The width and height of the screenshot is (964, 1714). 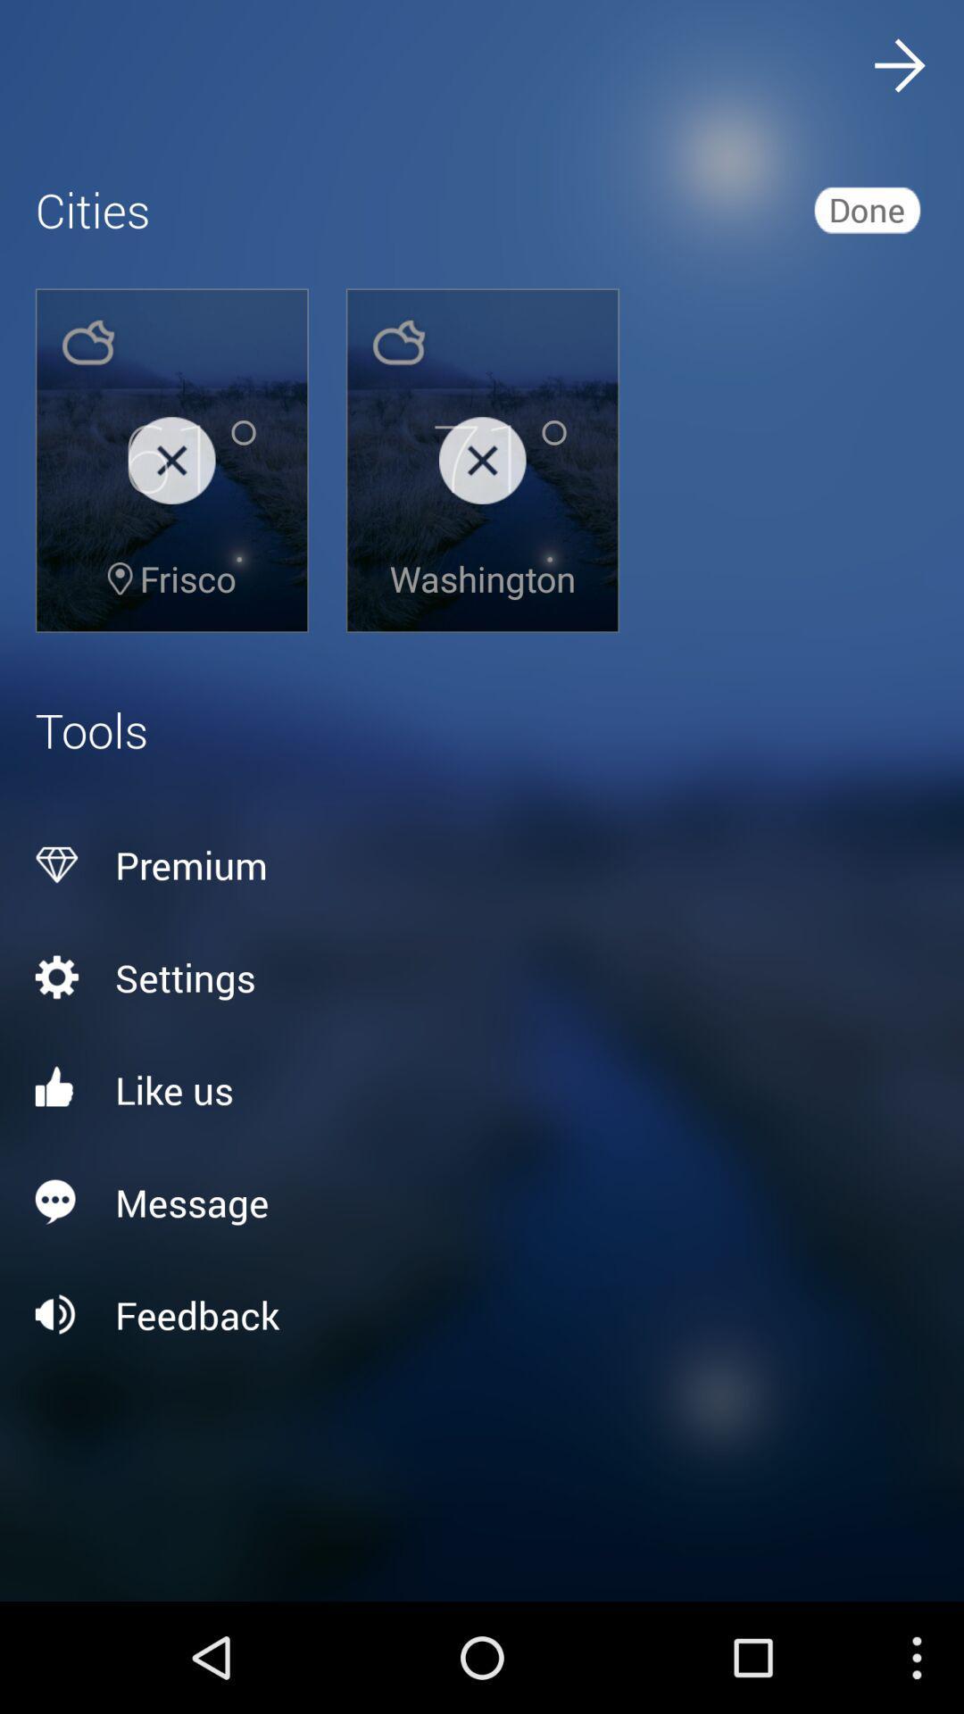 What do you see at coordinates (482, 1315) in the screenshot?
I see `the app below message icon` at bounding box center [482, 1315].